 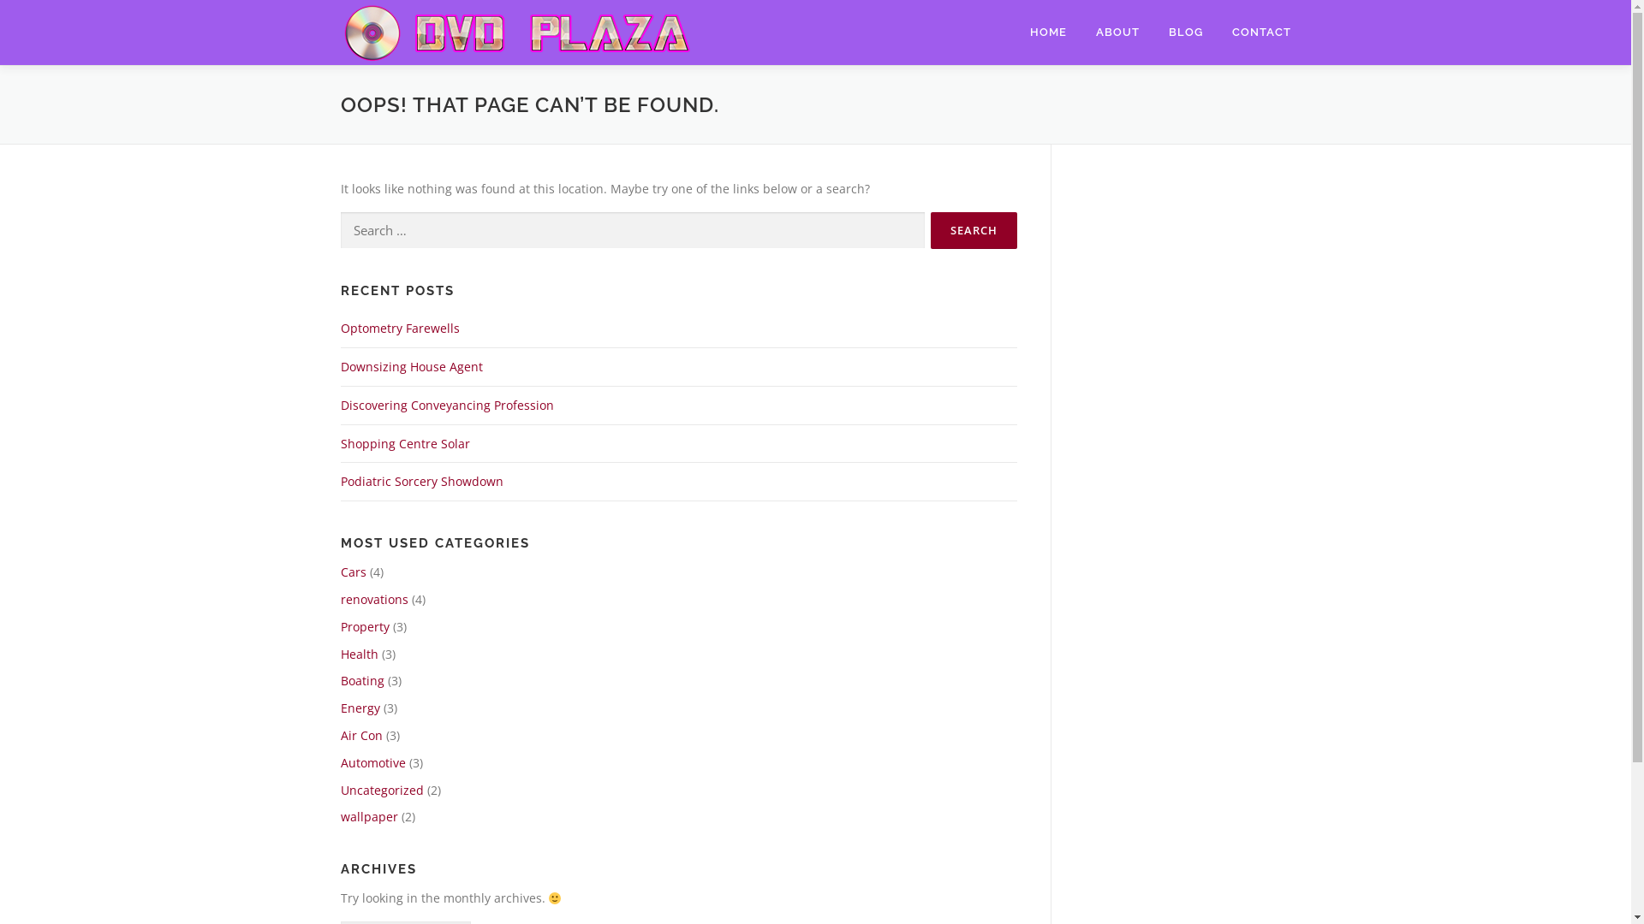 I want to click on 'Optometry Farewells', so click(x=399, y=328).